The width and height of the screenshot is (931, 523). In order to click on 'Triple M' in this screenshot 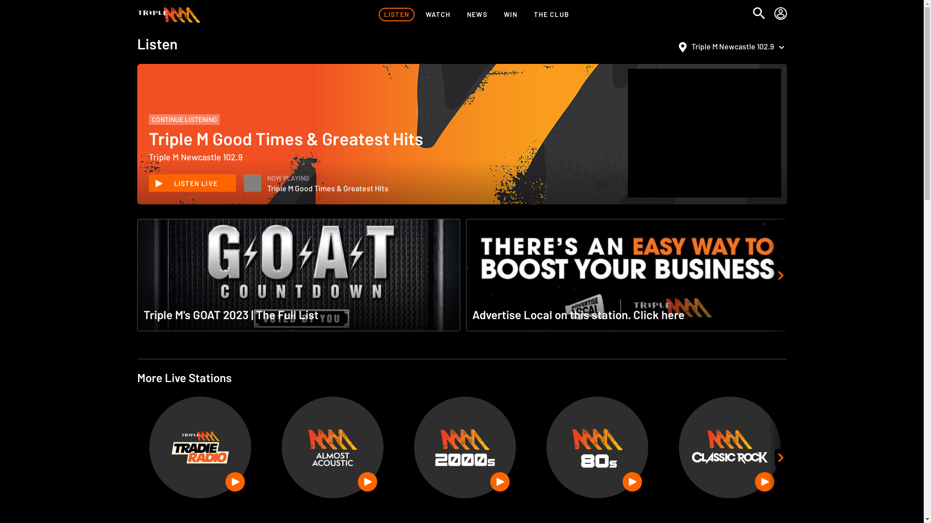, I will do `click(168, 15)`.